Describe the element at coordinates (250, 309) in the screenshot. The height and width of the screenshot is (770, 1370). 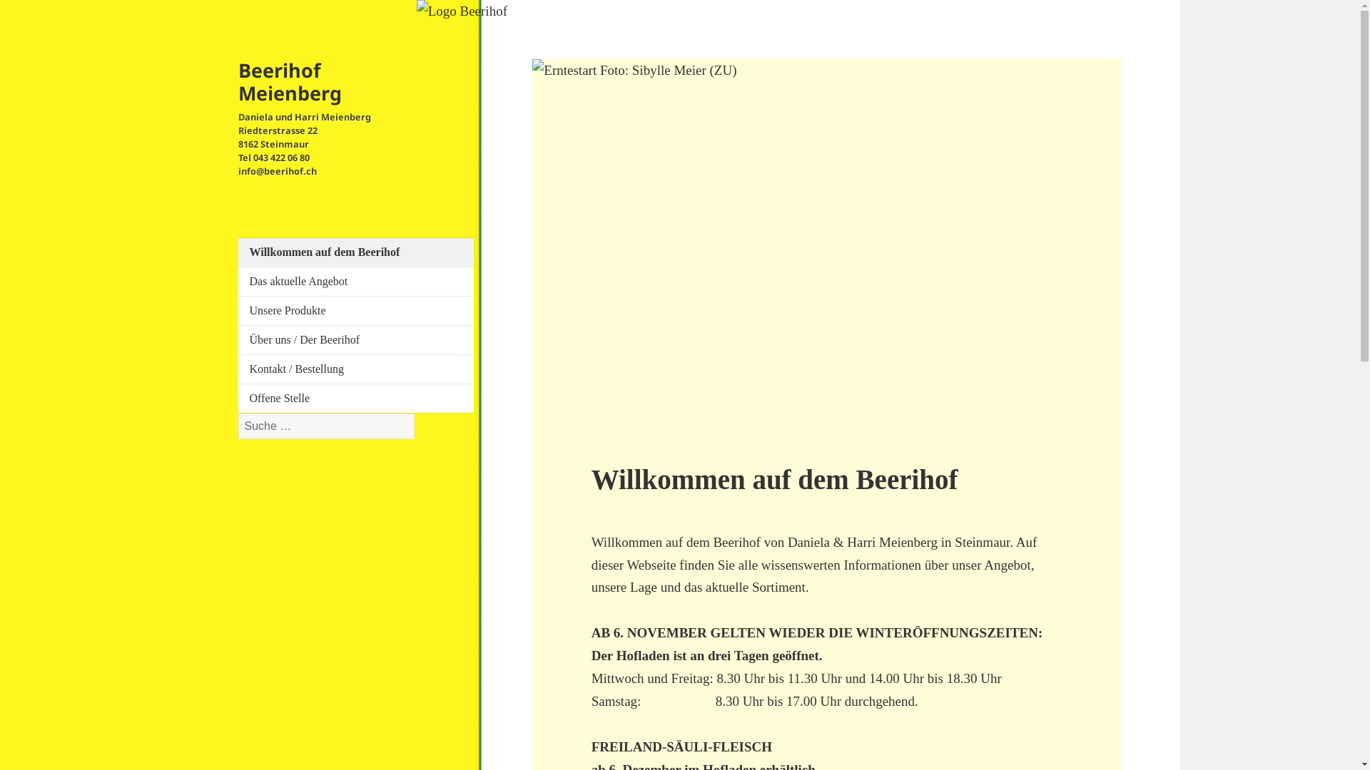
I see `'Unsere Produkte'` at that location.